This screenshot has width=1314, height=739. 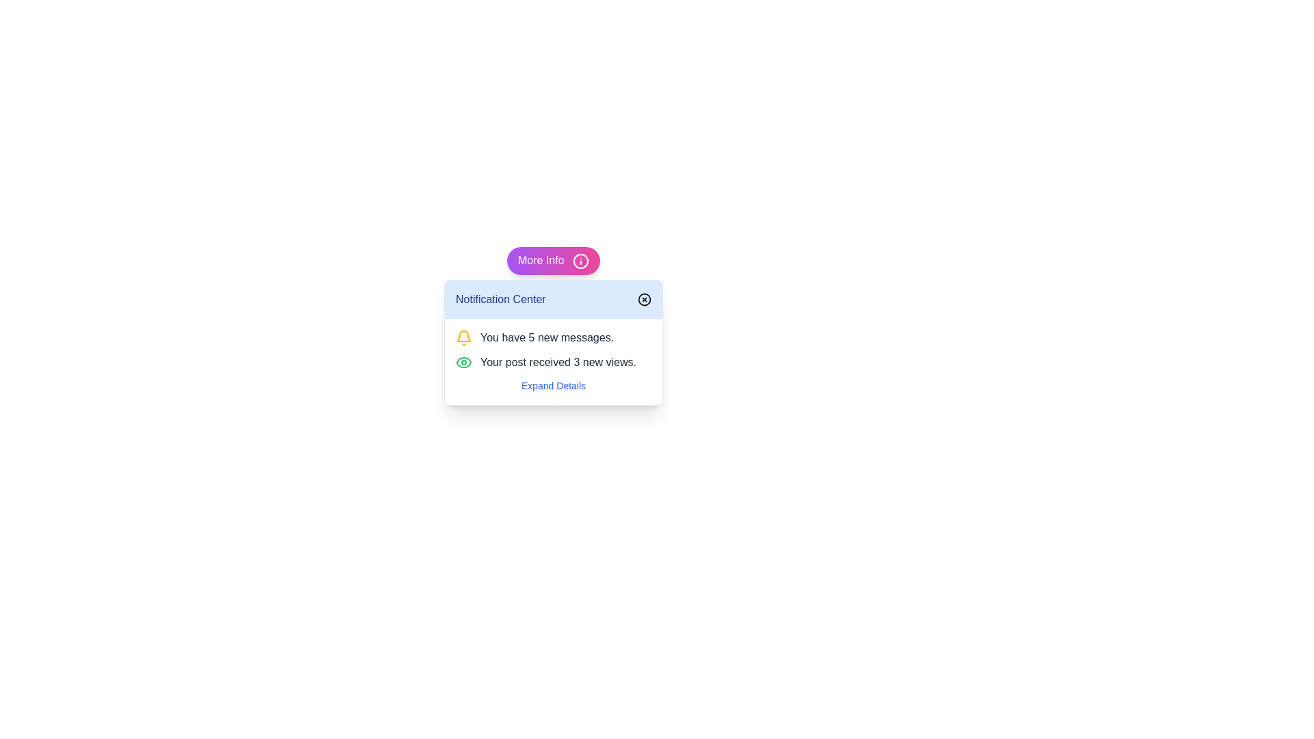 I want to click on the information icon located to the right of the 'More Info' button, so click(x=581, y=261).